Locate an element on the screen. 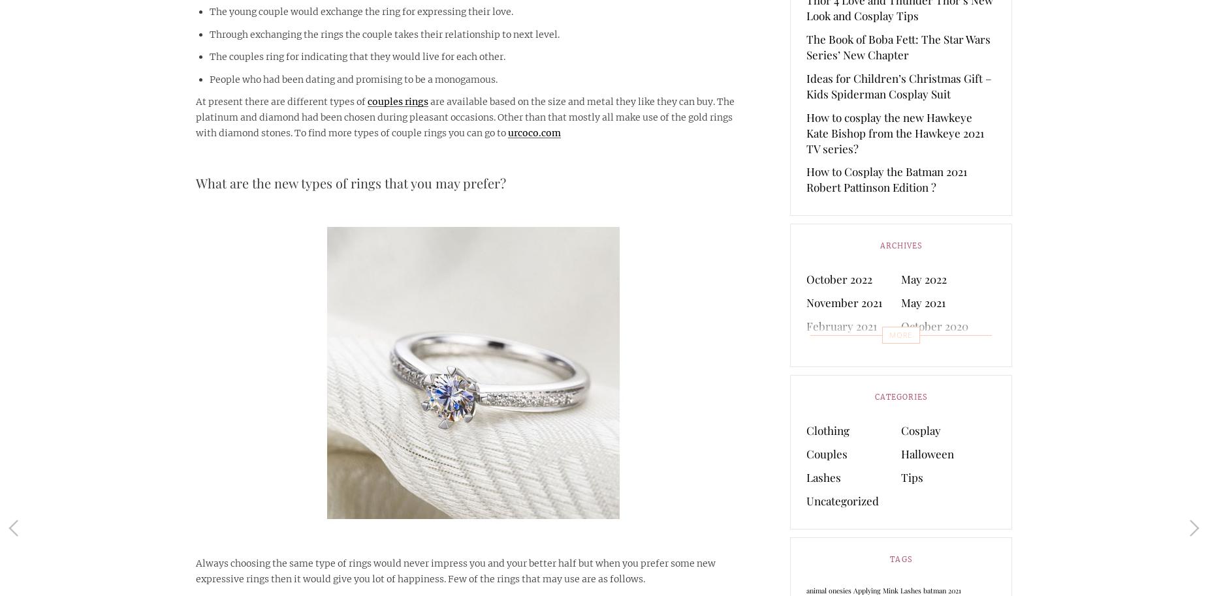 Image resolution: width=1208 pixels, height=596 pixels. 'Always choosing the same type of rings would never impress you and your better half but when you prefer some new expressive rings then it would give you lot of happiness. Few of the rings that may use are as follows.' is located at coordinates (455, 570).